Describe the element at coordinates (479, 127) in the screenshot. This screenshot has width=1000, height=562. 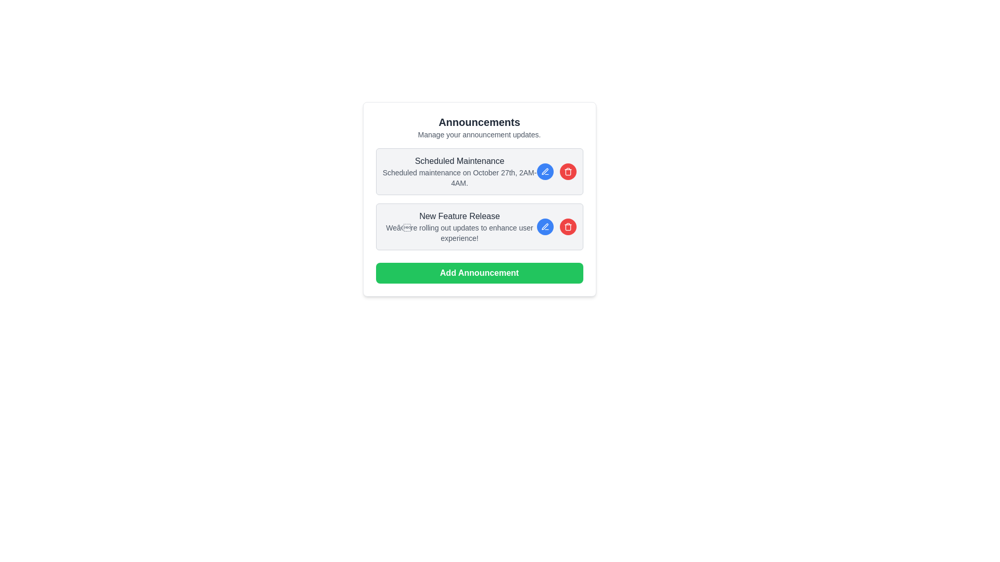
I see `the Label or Text Header element displaying 'Announcements' and 'Manage your announcement updates.'` at that location.